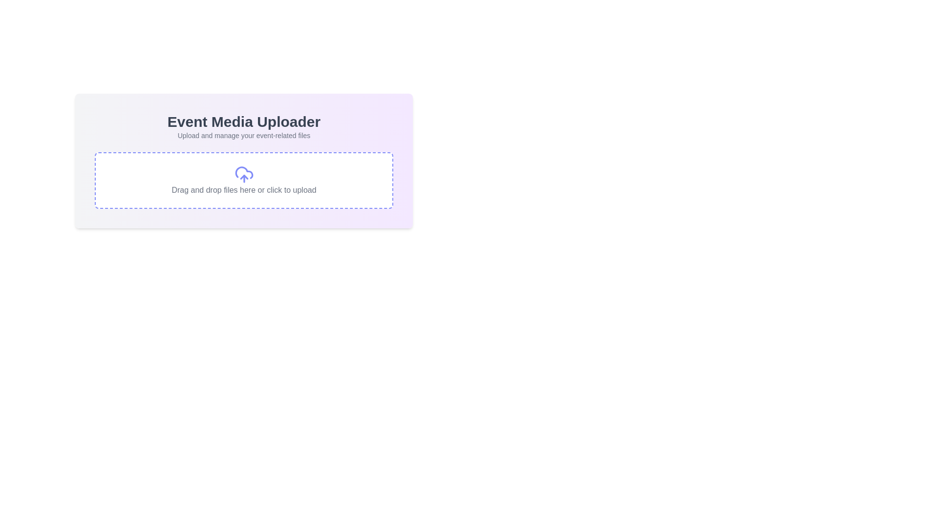 Image resolution: width=938 pixels, height=527 pixels. What do you see at coordinates (244, 135) in the screenshot?
I see `the text label that provides guidance for the file uploading feature, located below the title 'Event Media Uploader'` at bounding box center [244, 135].